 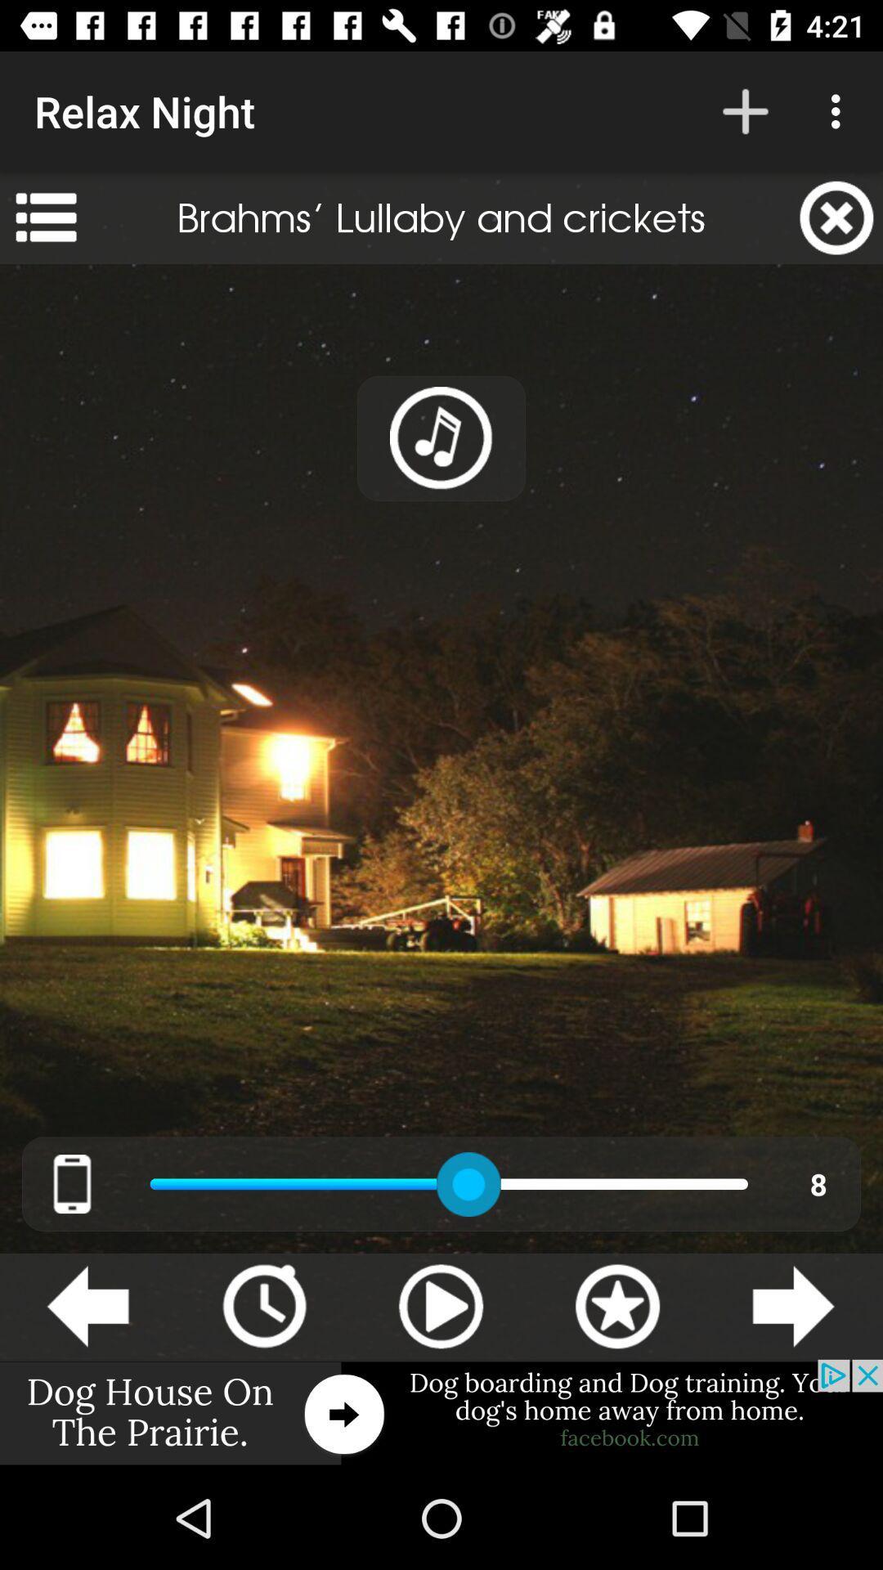 What do you see at coordinates (263, 1305) in the screenshot?
I see `the time icon` at bounding box center [263, 1305].